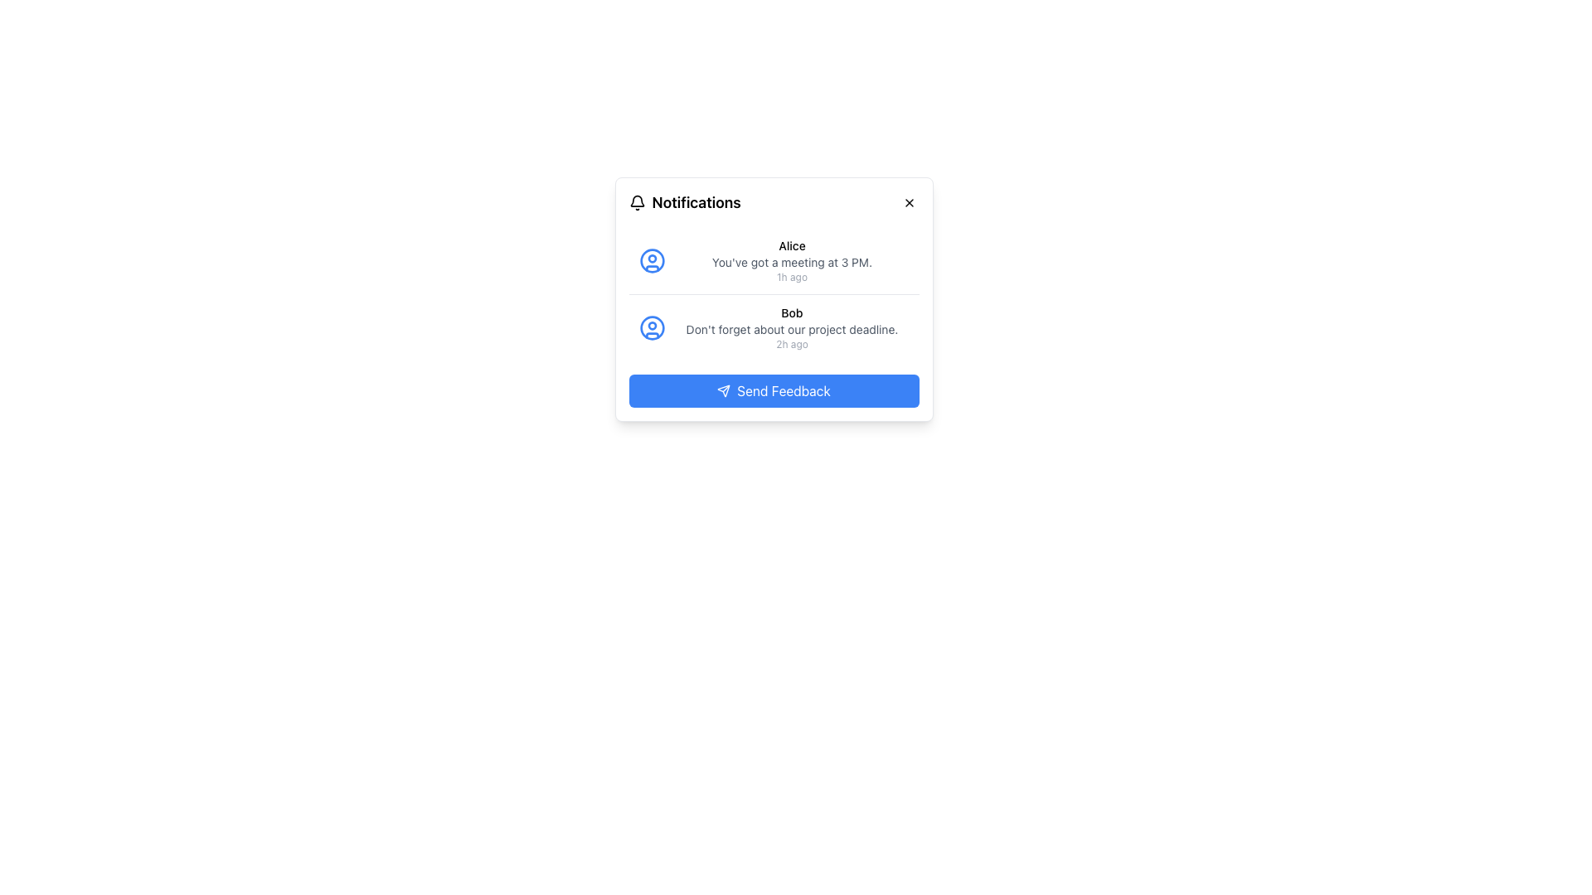 The image size is (1592, 895). Describe the element at coordinates (636, 200) in the screenshot. I see `the notification bell icon, which is the main body of the bell design located in the Notifications pop-up panel` at that location.